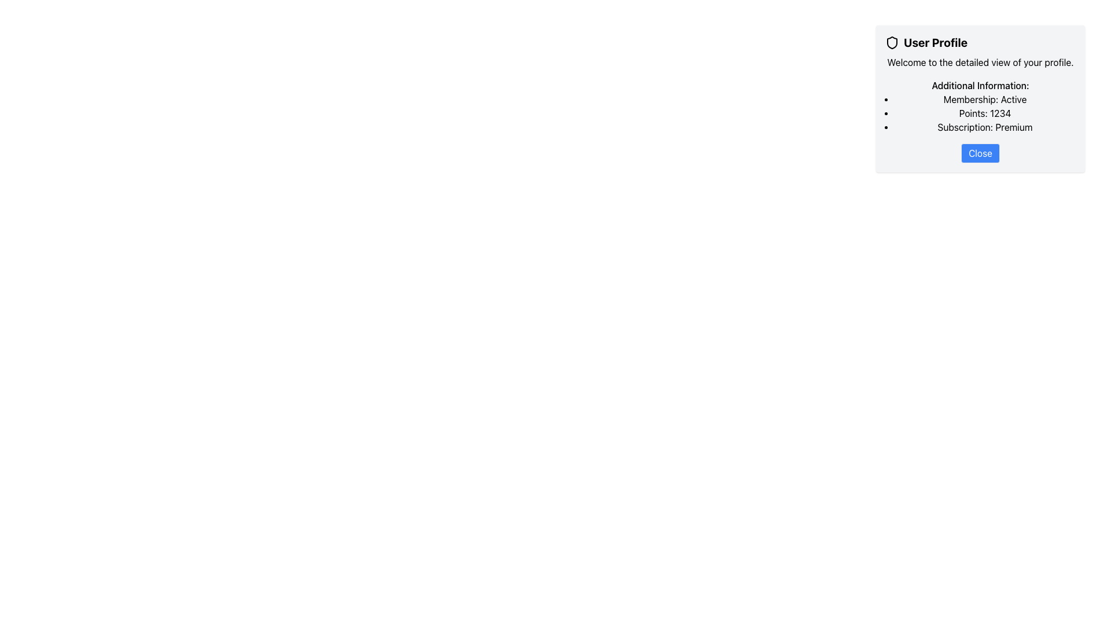  Describe the element at coordinates (891, 42) in the screenshot. I see `the shield-shaped icon located to the left of the 'User Profile' text, which features a thin outline and rounded corners, indicating a protection design` at that location.